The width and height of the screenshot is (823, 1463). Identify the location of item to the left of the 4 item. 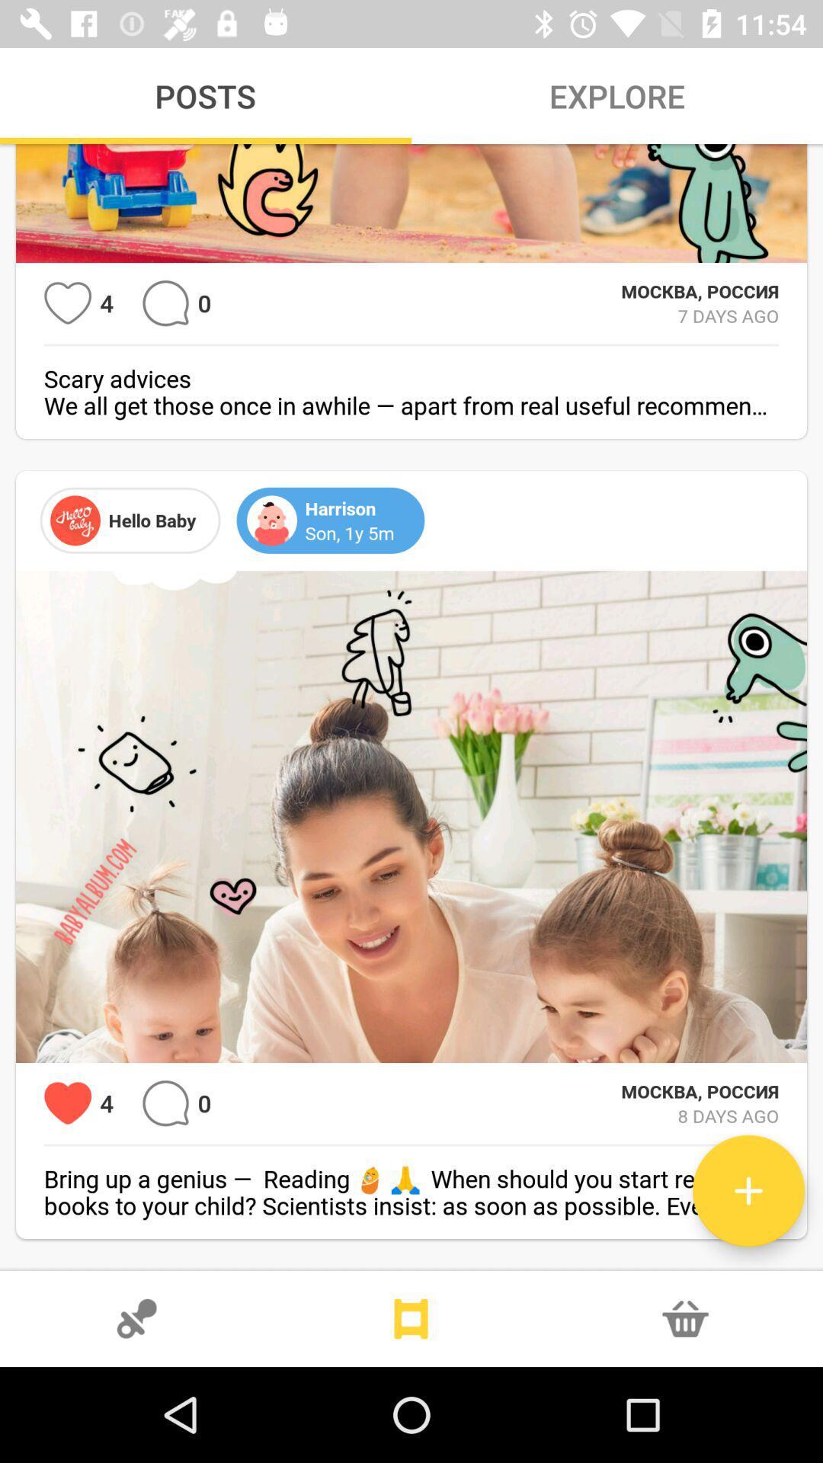
(67, 303).